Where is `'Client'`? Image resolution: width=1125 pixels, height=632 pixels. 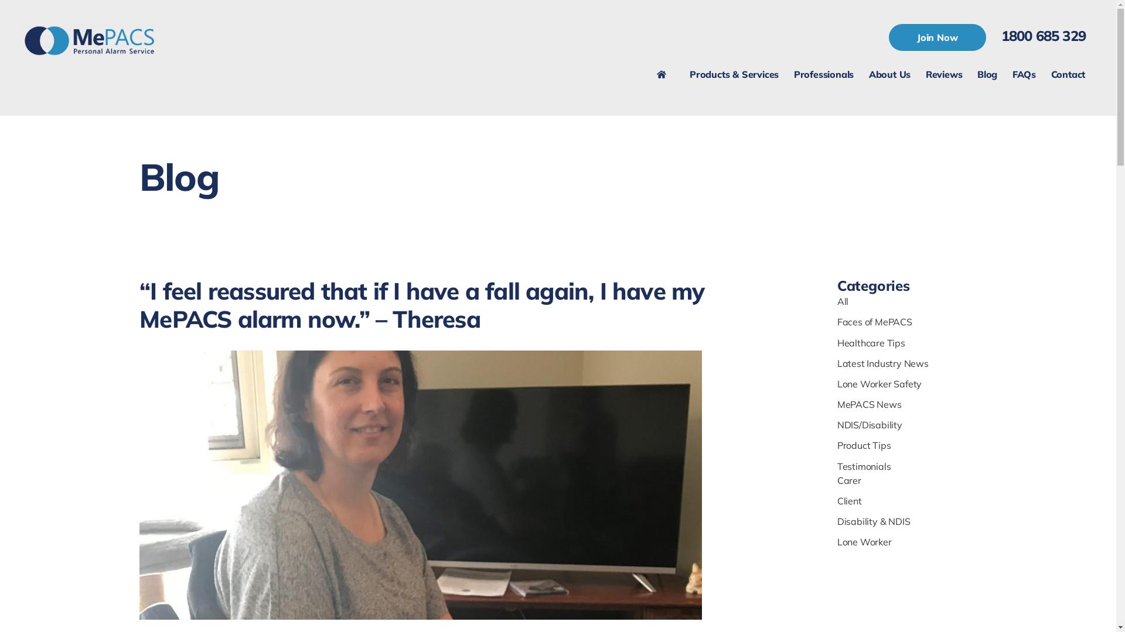
'Client' is located at coordinates (837, 500).